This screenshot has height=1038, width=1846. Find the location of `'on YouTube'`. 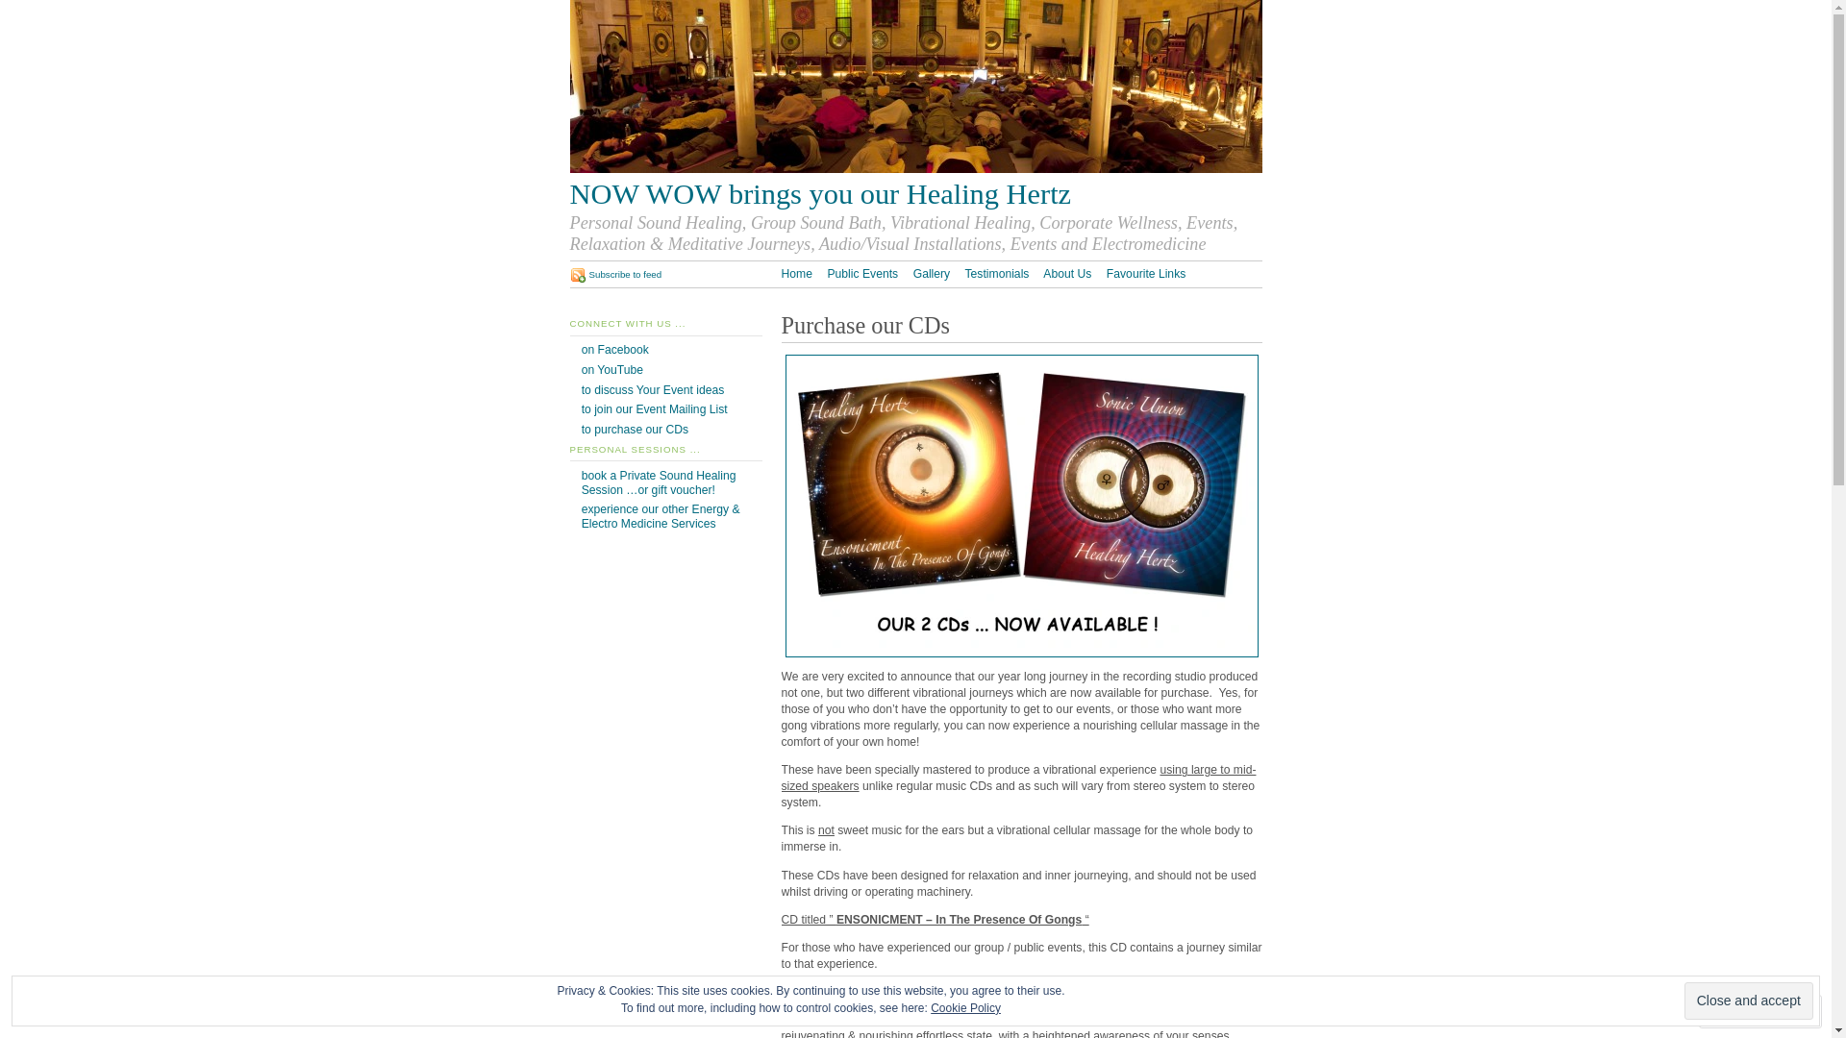

'on YouTube' is located at coordinates (611, 370).